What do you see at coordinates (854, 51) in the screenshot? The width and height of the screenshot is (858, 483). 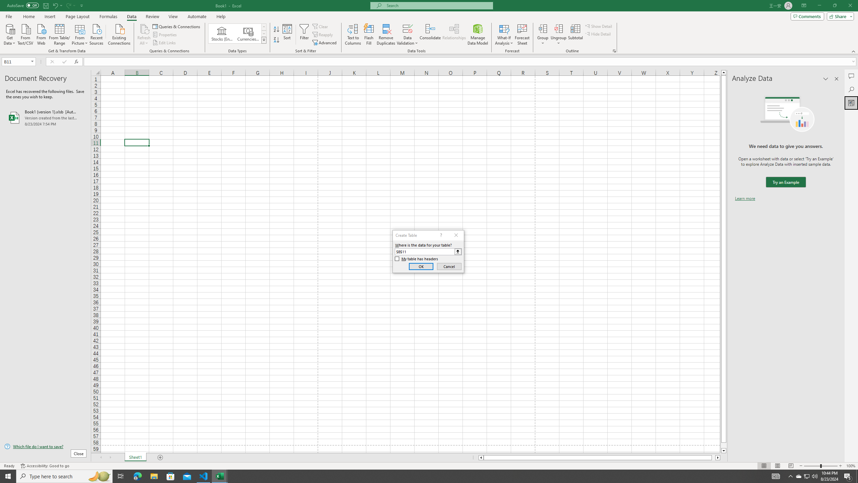 I see `'Collapse the Ribbon'` at bounding box center [854, 51].